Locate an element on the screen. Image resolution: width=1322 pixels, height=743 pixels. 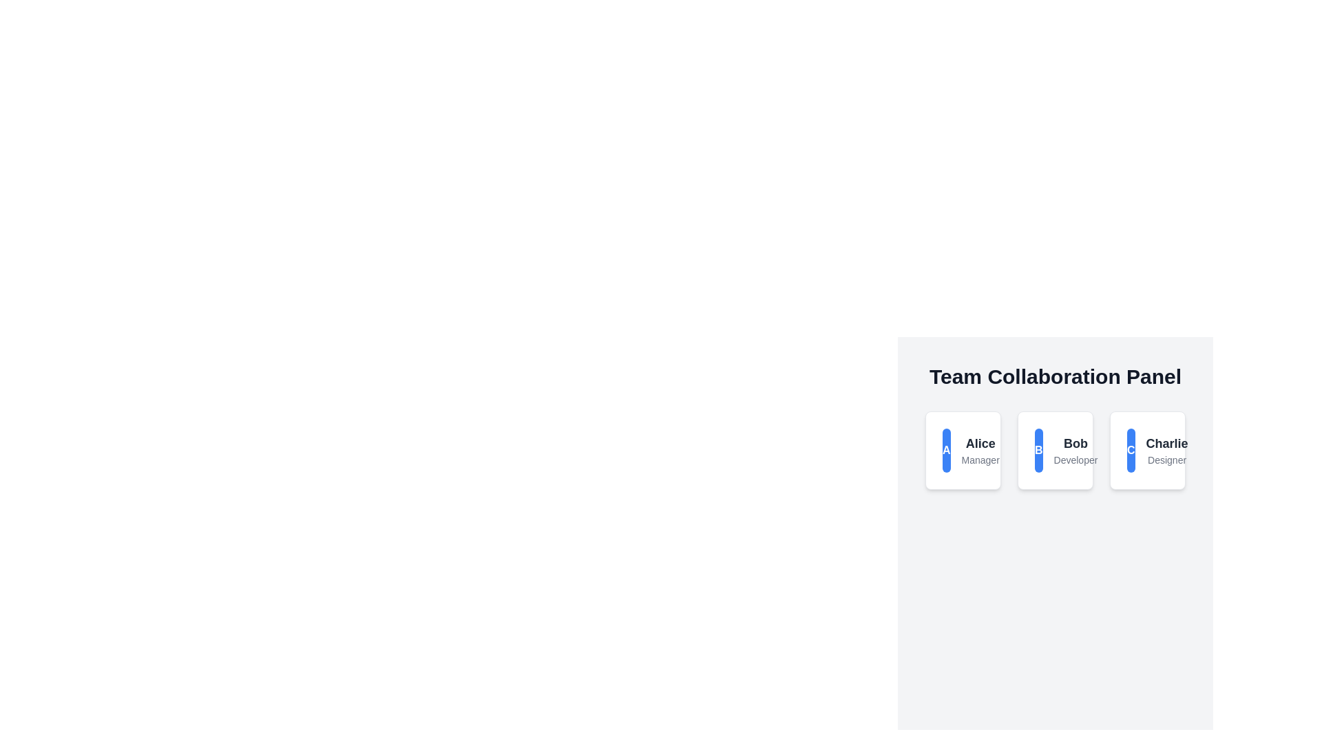
the circular badge with a blue background and white text displaying the letter 'C', which represents 'Charlie' in the Team Collaboration Panel is located at coordinates (1131, 451).